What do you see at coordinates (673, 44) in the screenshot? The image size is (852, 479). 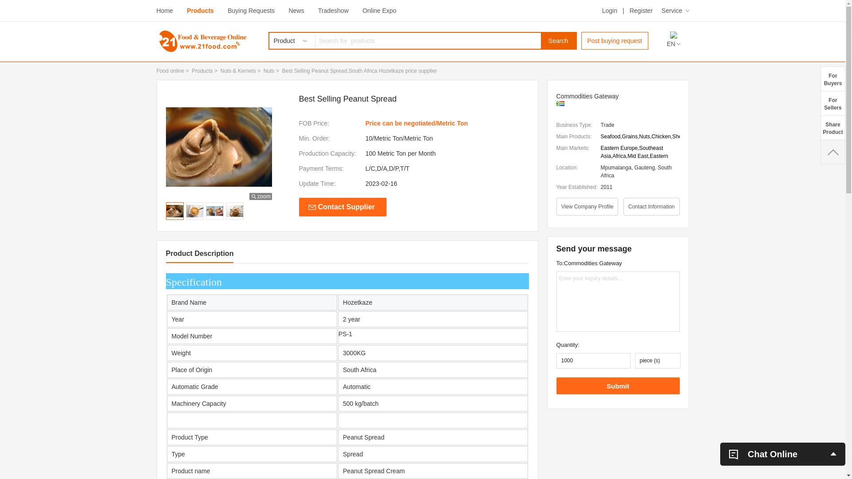 I see `'EN'` at bounding box center [673, 44].